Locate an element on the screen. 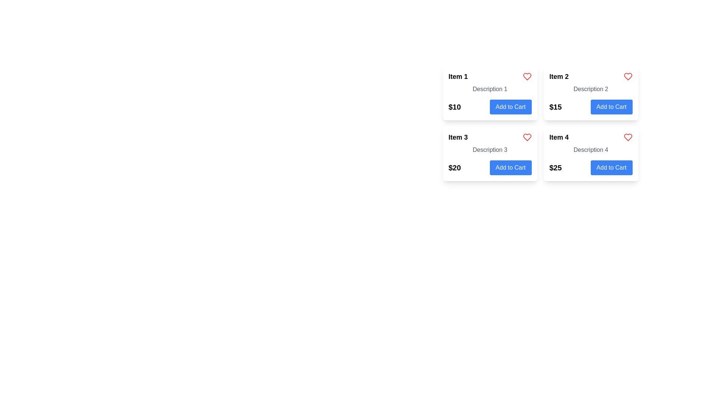  the heart-shaped favorite icon located at the top-right corner of the second item card is located at coordinates (627, 77).